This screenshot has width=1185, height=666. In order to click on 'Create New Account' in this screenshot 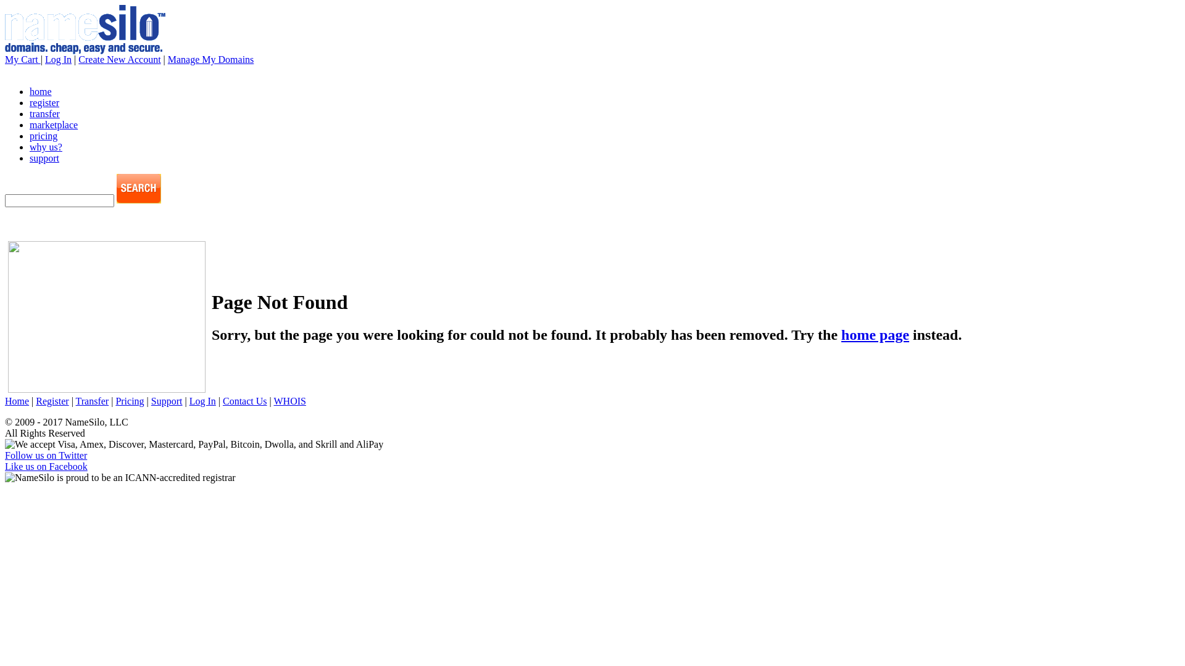, I will do `click(119, 59)`.